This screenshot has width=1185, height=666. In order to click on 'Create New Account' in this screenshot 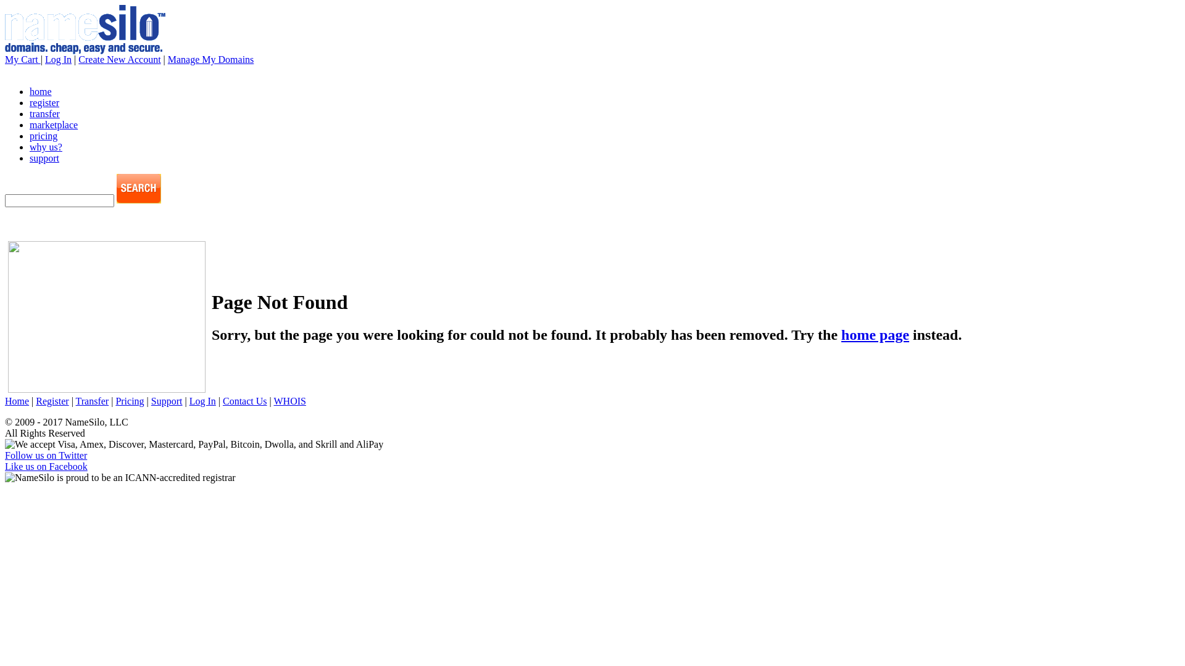, I will do `click(119, 59)`.